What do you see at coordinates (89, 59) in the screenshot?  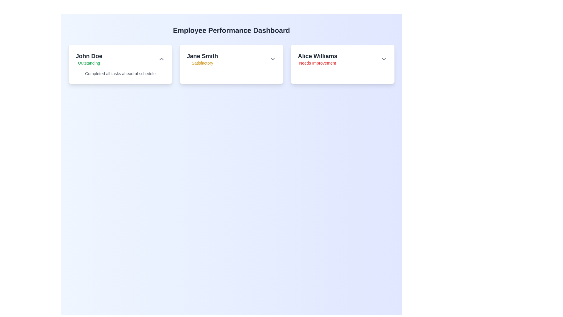 I see `the Text Display element that shows an individual's name and status descriptor, located in the top-left corner of a card in a performance dashboard` at bounding box center [89, 59].